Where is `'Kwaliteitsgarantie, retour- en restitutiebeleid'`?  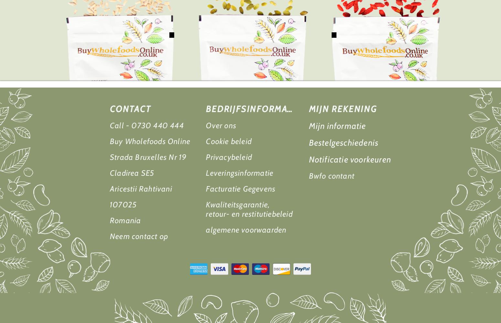 'Kwaliteitsgarantie, retour- en restitutiebeleid' is located at coordinates (206, 209).